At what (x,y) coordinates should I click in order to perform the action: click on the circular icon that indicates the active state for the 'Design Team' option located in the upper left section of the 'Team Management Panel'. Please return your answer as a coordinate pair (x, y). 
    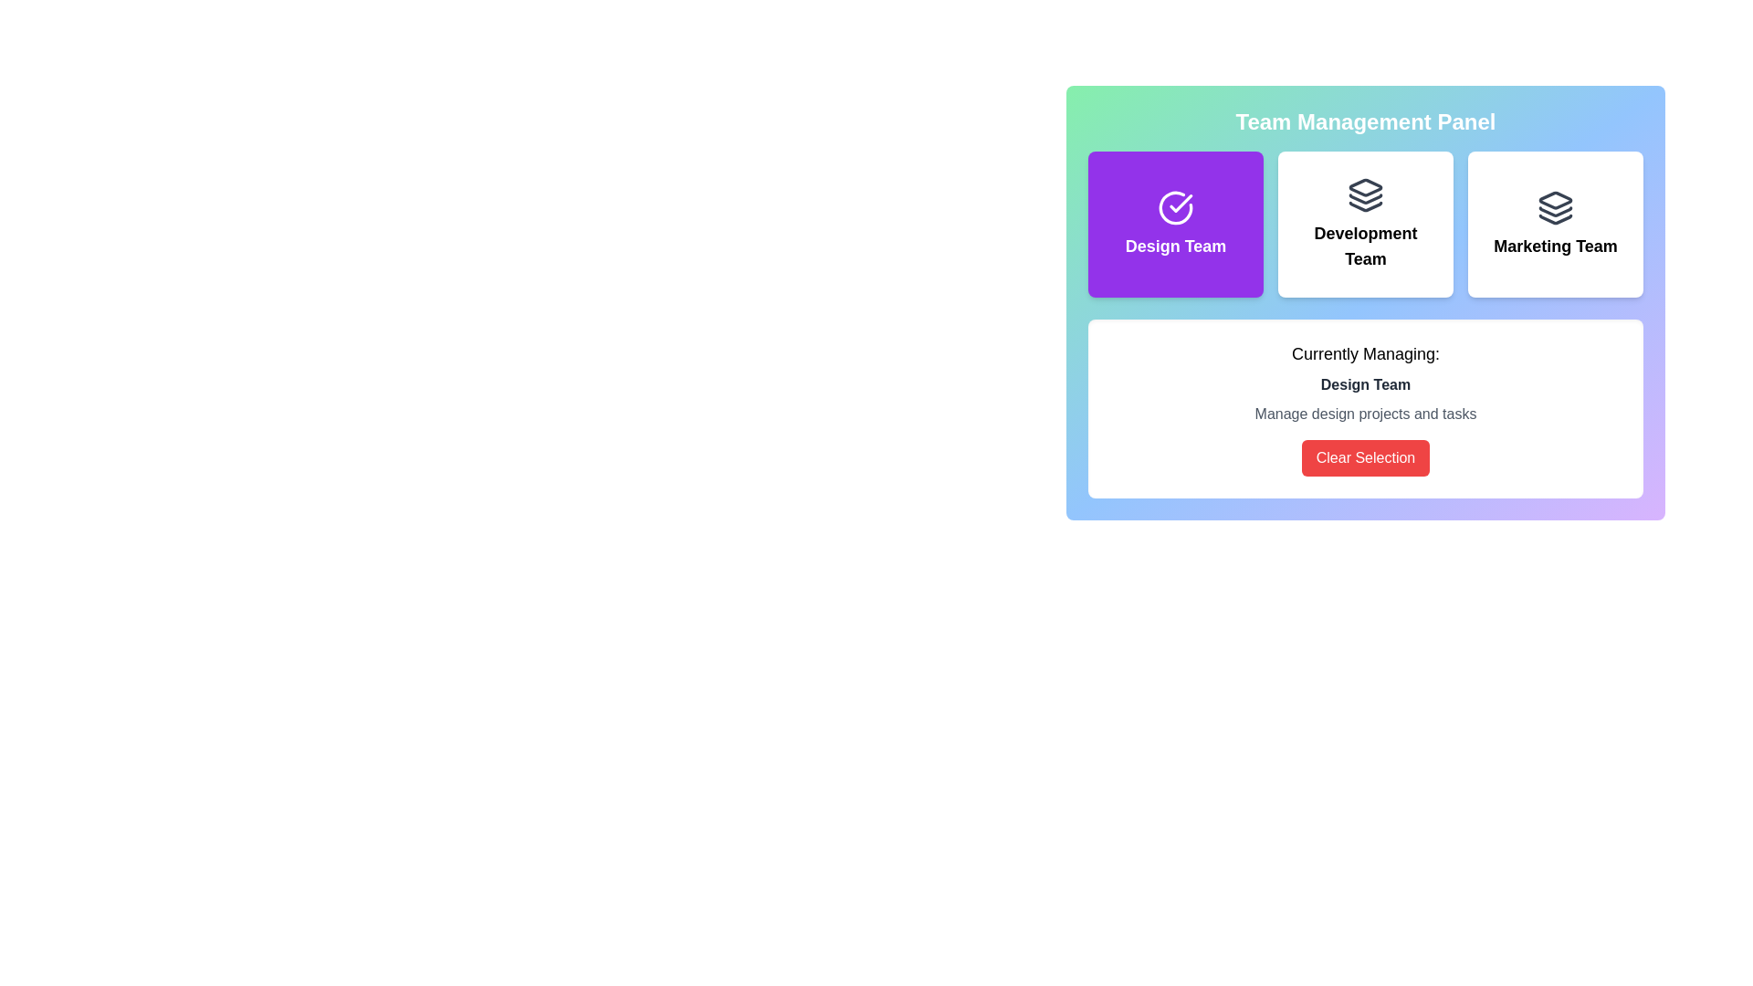
    Looking at the image, I should click on (1175, 206).